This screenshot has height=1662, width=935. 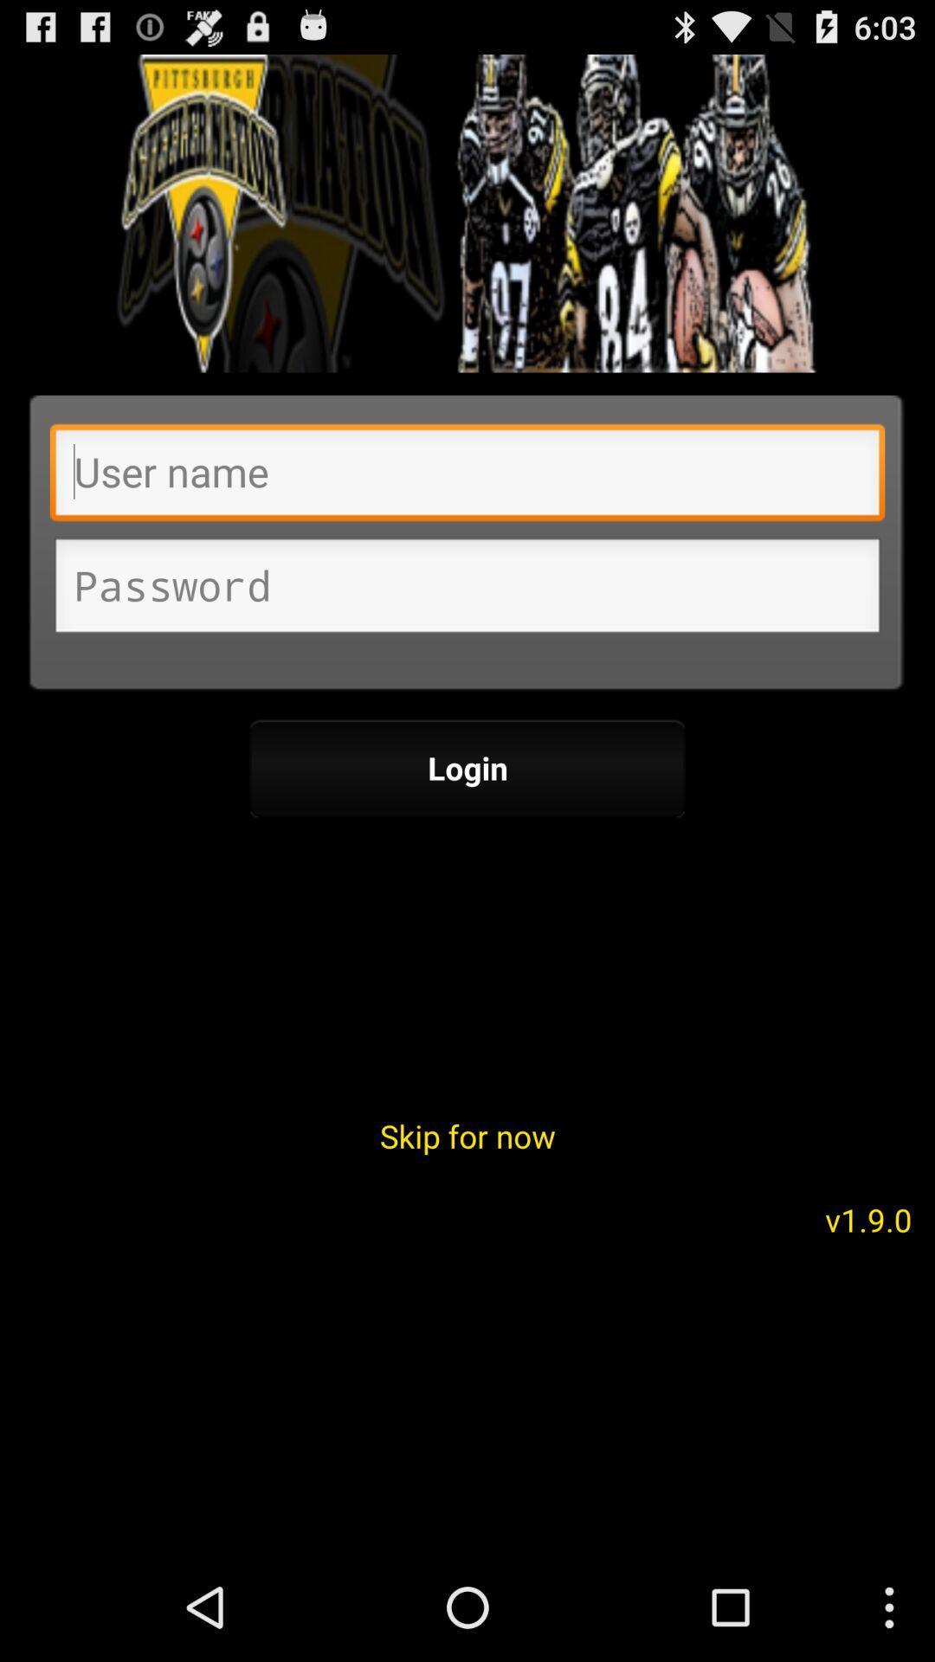 What do you see at coordinates (467, 590) in the screenshot?
I see `input password` at bounding box center [467, 590].